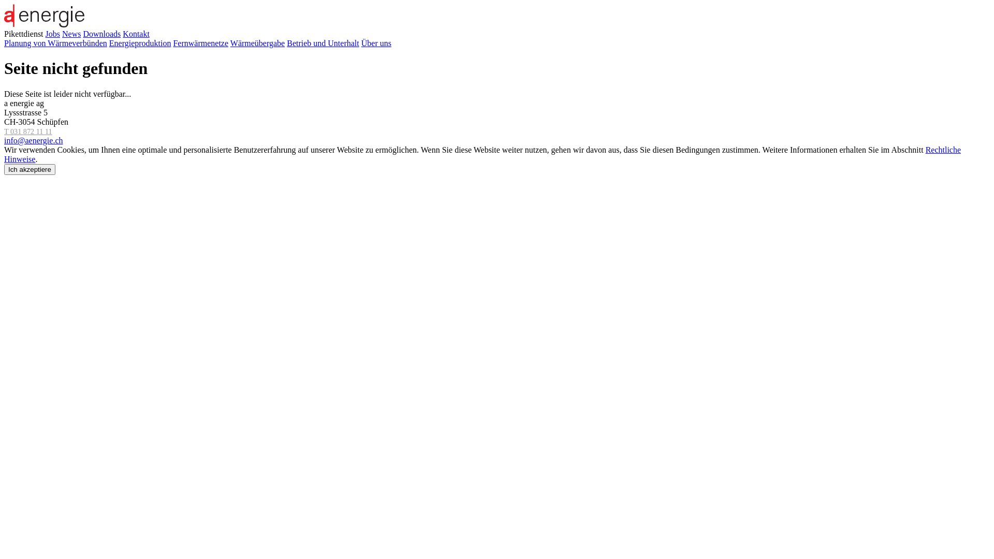  I want to click on 'Kontakt', so click(136, 33).